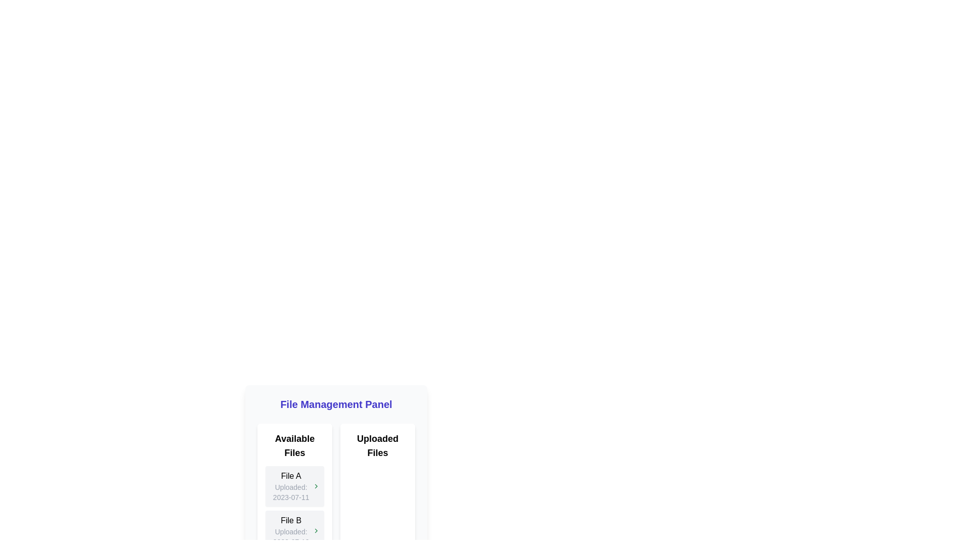  What do you see at coordinates (290, 485) in the screenshot?
I see `the Text information display for 'File A' located in the 'Available Files' section of the 'File Management Panel'` at bounding box center [290, 485].